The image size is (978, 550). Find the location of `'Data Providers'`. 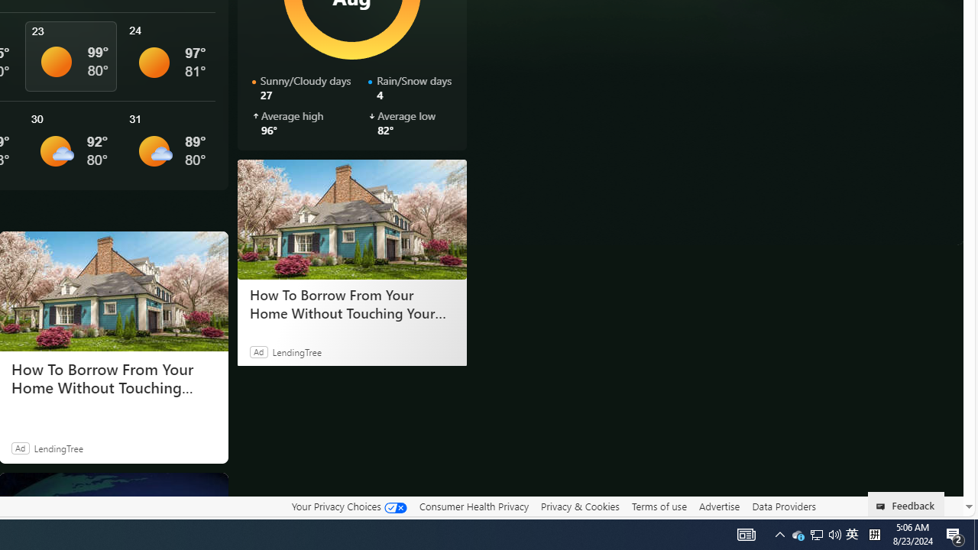

'Data Providers' is located at coordinates (783, 506).